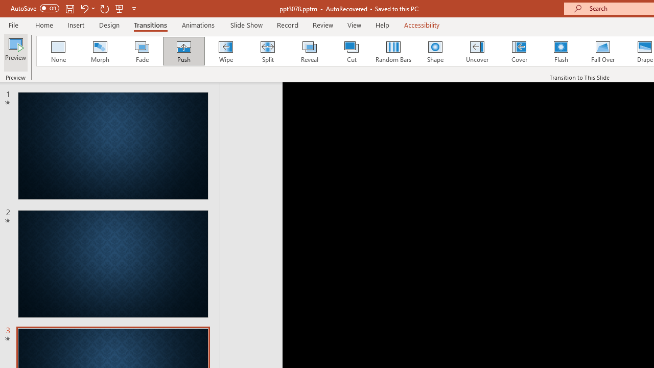 The height and width of the screenshot is (368, 654). I want to click on 'None', so click(57, 51).